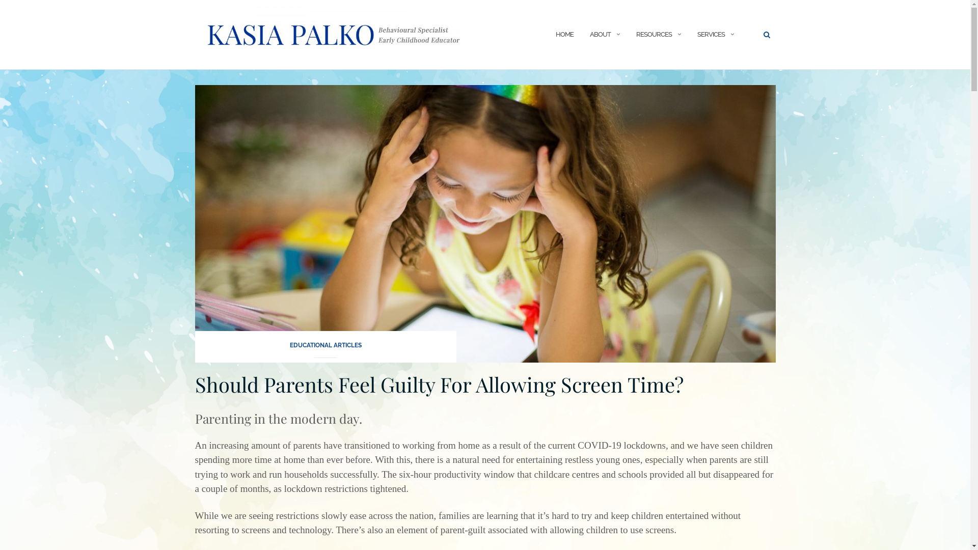 The image size is (978, 550). What do you see at coordinates (710, 34) in the screenshot?
I see `'SERVICES'` at bounding box center [710, 34].